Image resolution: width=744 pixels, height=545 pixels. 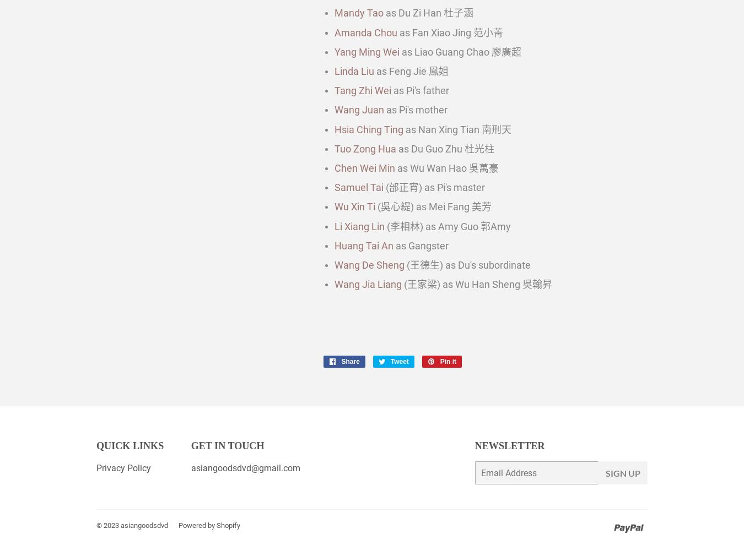 I want to click on 'Chen Wei Min', so click(x=365, y=167).